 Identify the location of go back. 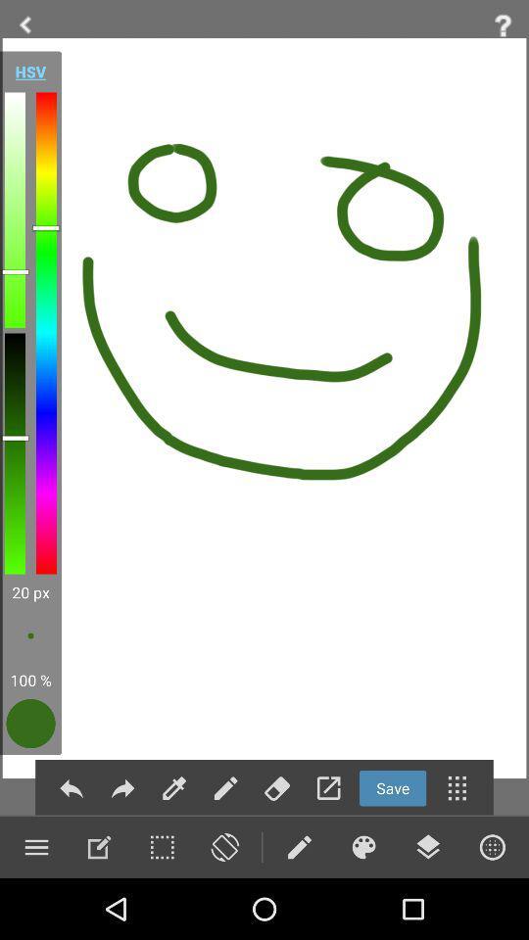
(24, 24).